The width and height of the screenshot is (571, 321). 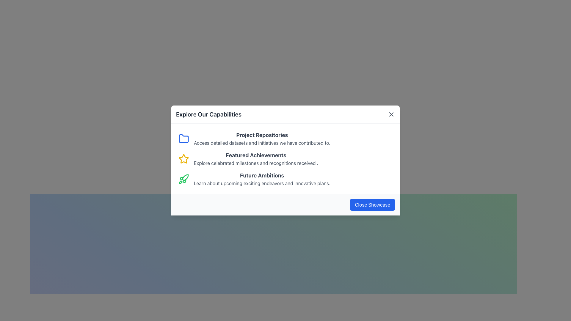 I want to click on the rectangular button with rounded corners styled with a blue background and white text that reads 'Close Showcase' to observe a color change, so click(x=372, y=204).